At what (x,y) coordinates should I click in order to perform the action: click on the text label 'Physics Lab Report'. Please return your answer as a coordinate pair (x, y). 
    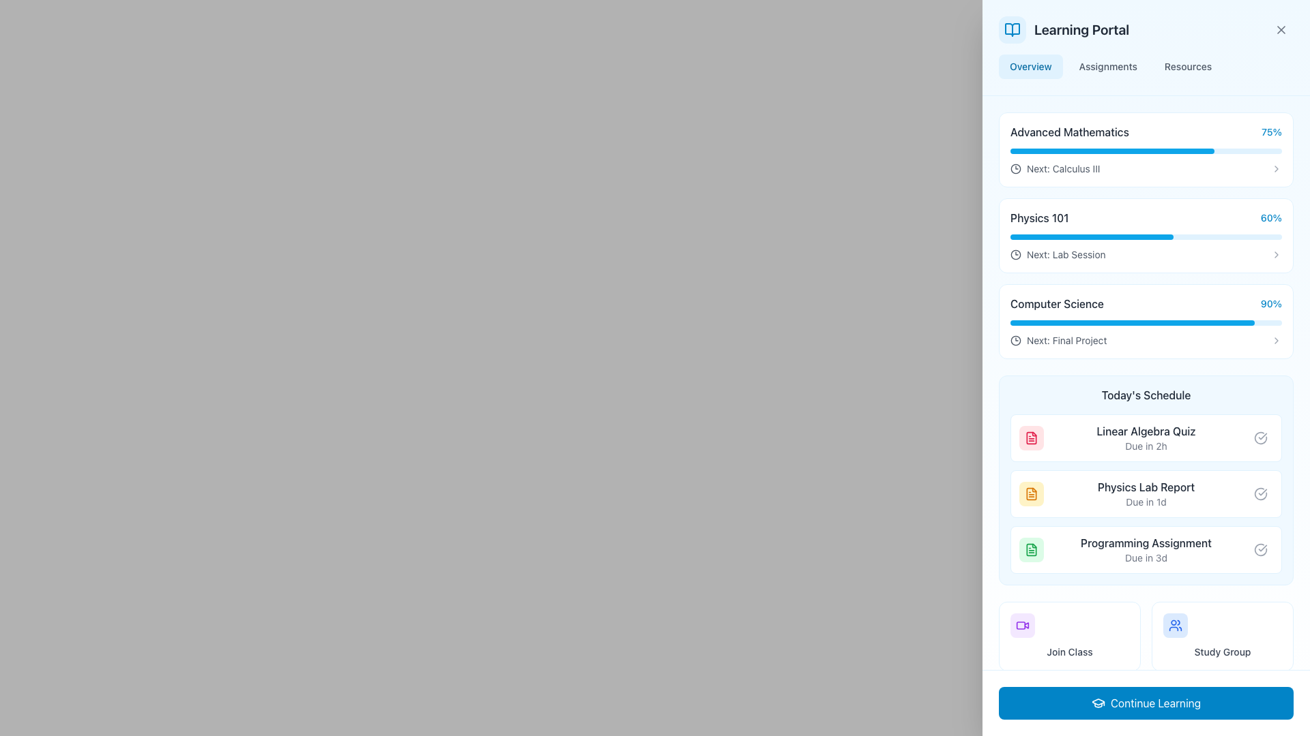
    Looking at the image, I should click on (1146, 486).